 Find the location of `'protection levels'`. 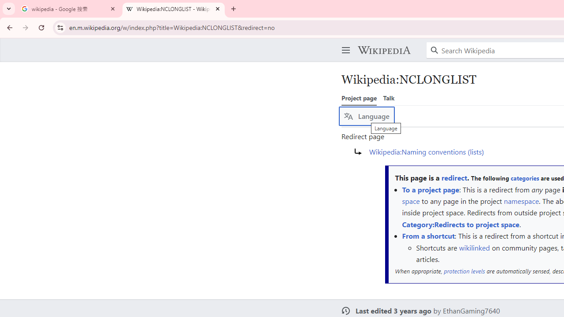

'protection levels' is located at coordinates (464, 270).